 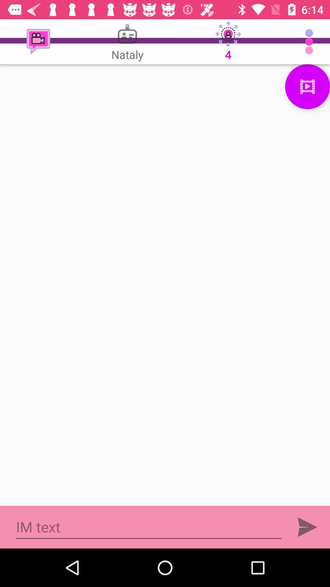 What do you see at coordinates (307, 86) in the screenshot?
I see `video` at bounding box center [307, 86].